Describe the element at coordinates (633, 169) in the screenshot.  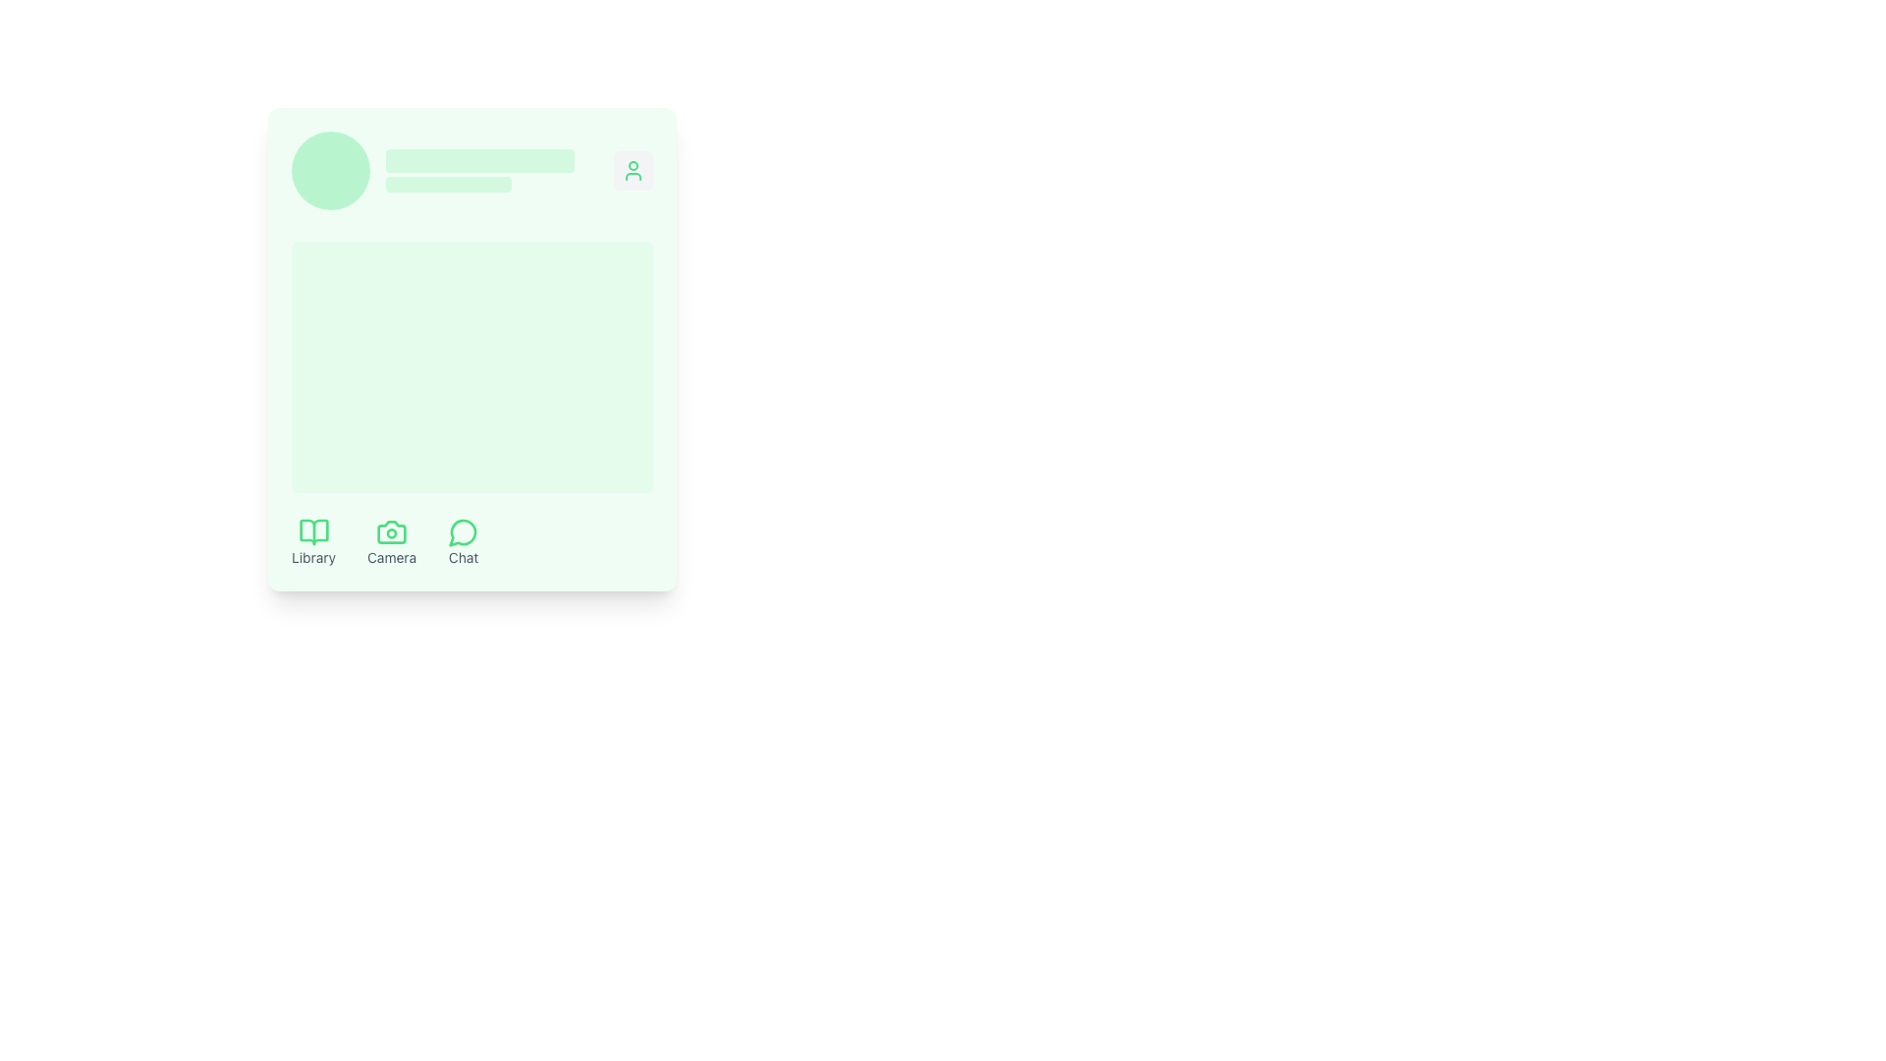
I see `the user icon represented as a circular head with a smaller body outline below, styled in green, located in the top-right corner of the card interface` at that location.